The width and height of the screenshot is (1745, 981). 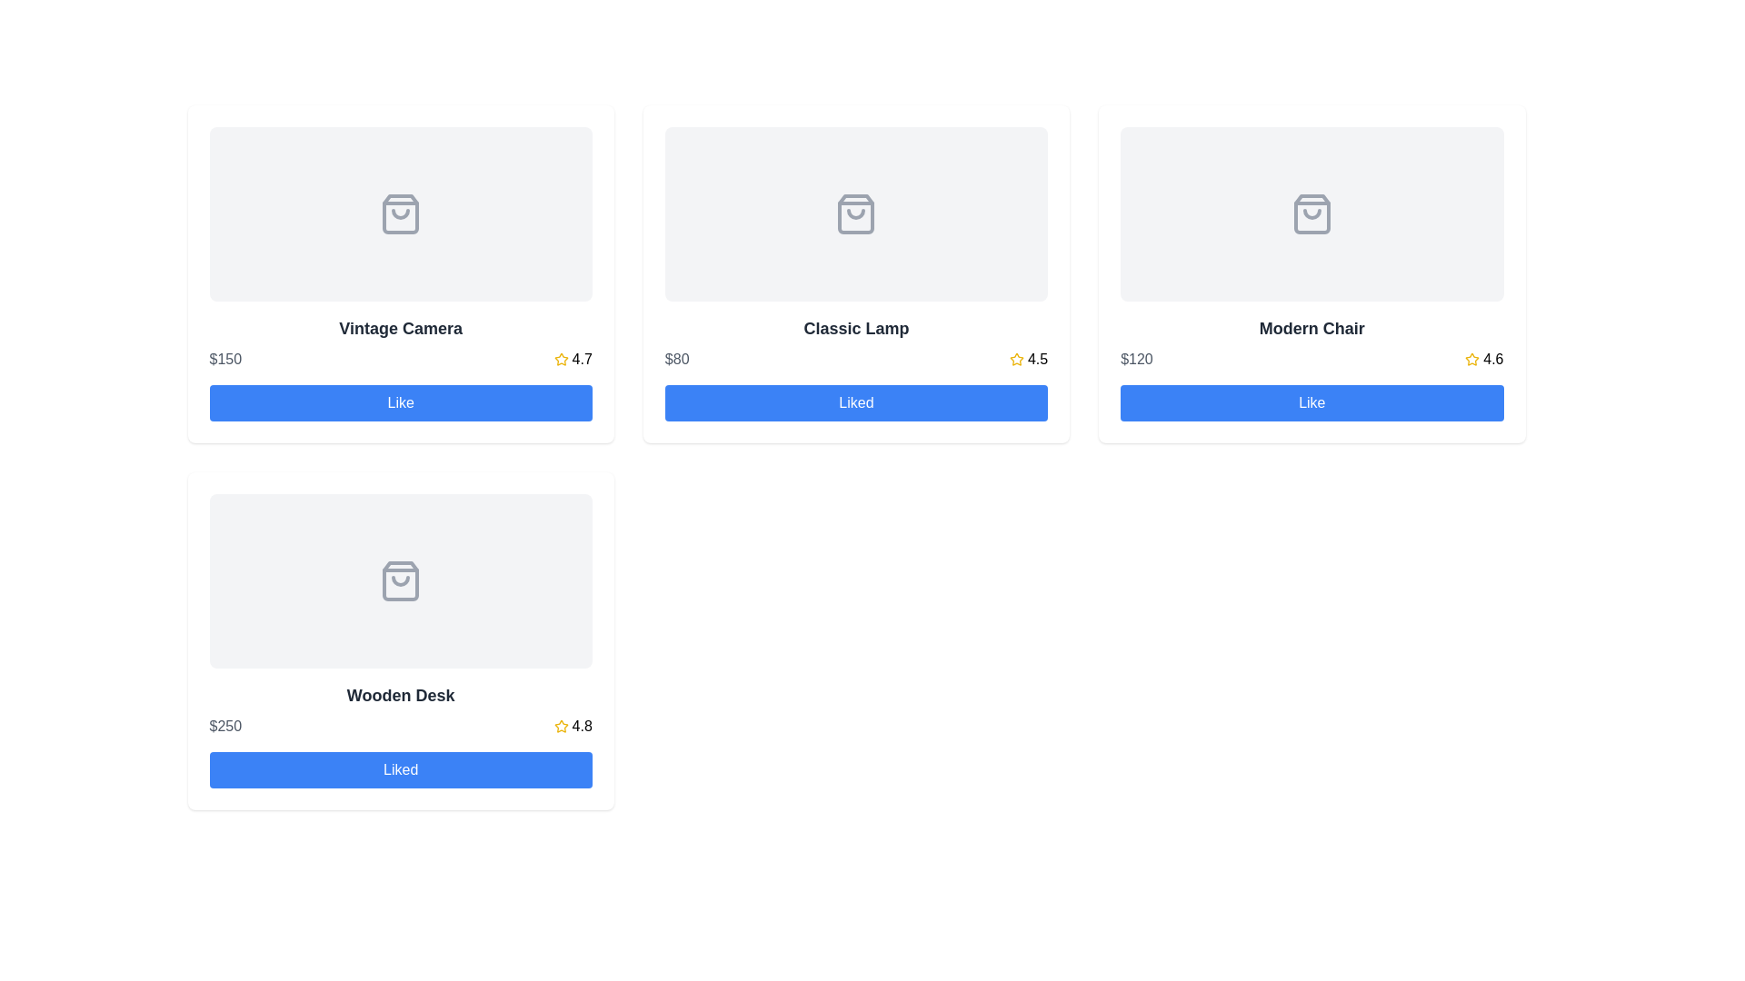 What do you see at coordinates (1135, 360) in the screenshot?
I see `price displayed as '$120' in gray text, located under the 'Modern Chair' title and above the 'Like' button` at bounding box center [1135, 360].